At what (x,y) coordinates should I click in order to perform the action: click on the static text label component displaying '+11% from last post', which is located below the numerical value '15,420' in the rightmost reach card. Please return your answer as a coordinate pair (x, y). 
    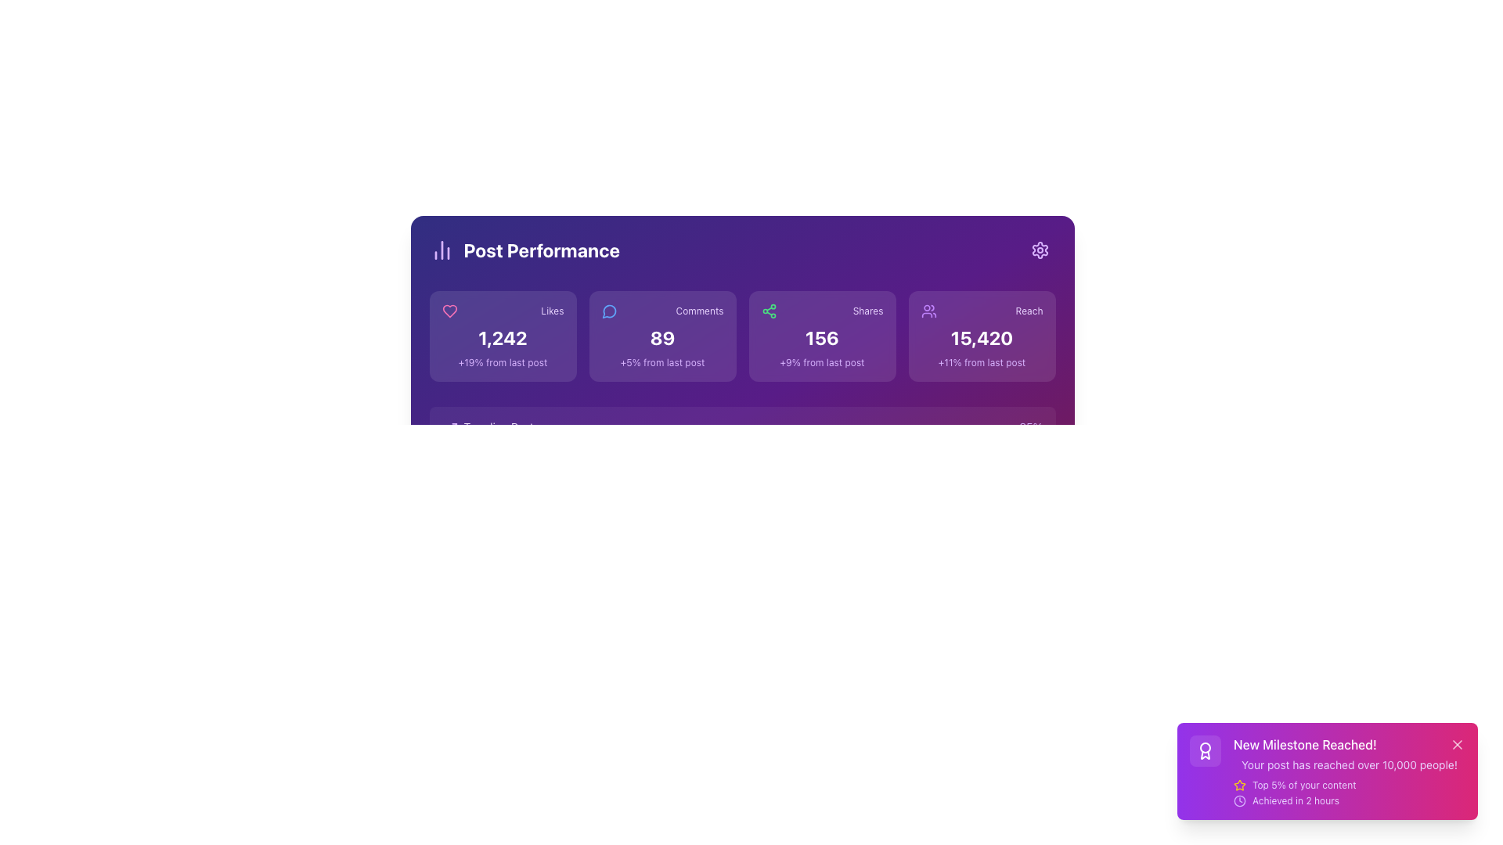
    Looking at the image, I should click on (981, 362).